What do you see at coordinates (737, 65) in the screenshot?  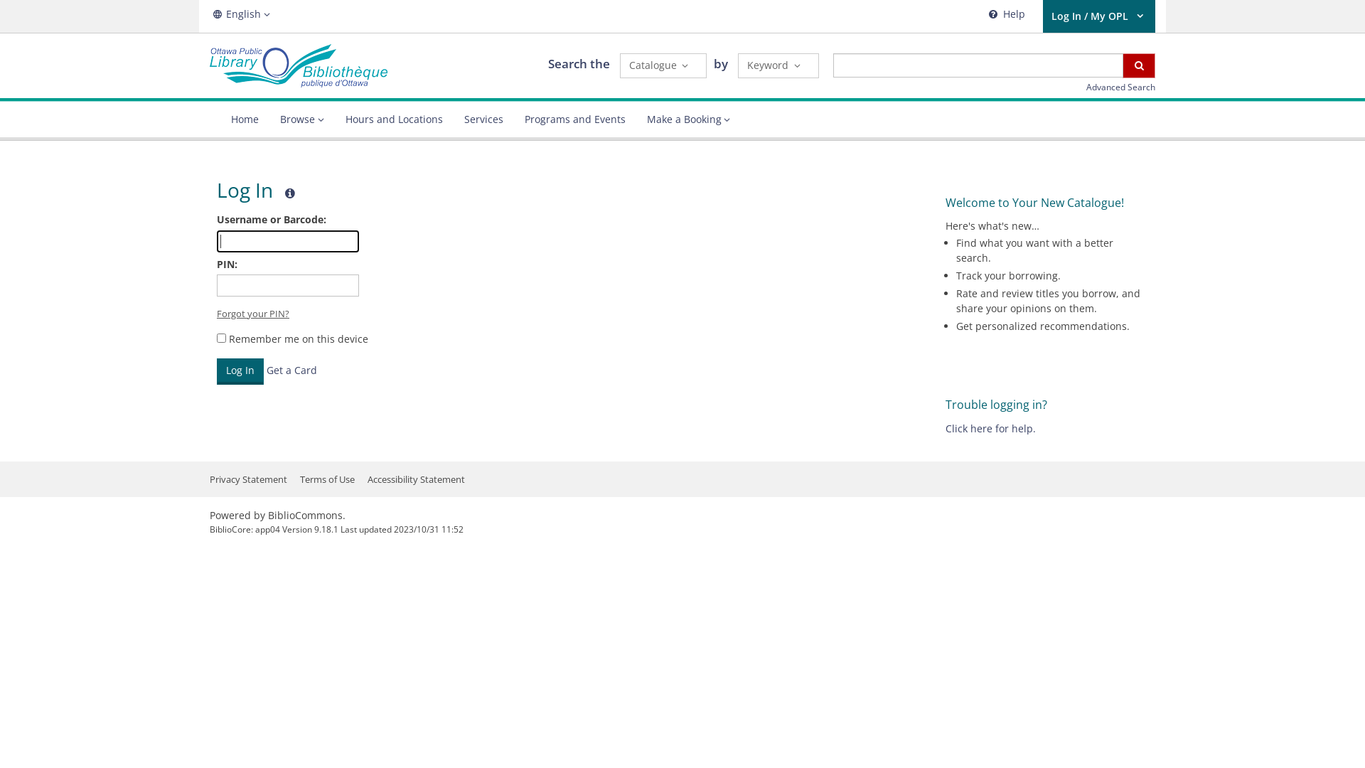 I see `'Keyword` at bounding box center [737, 65].